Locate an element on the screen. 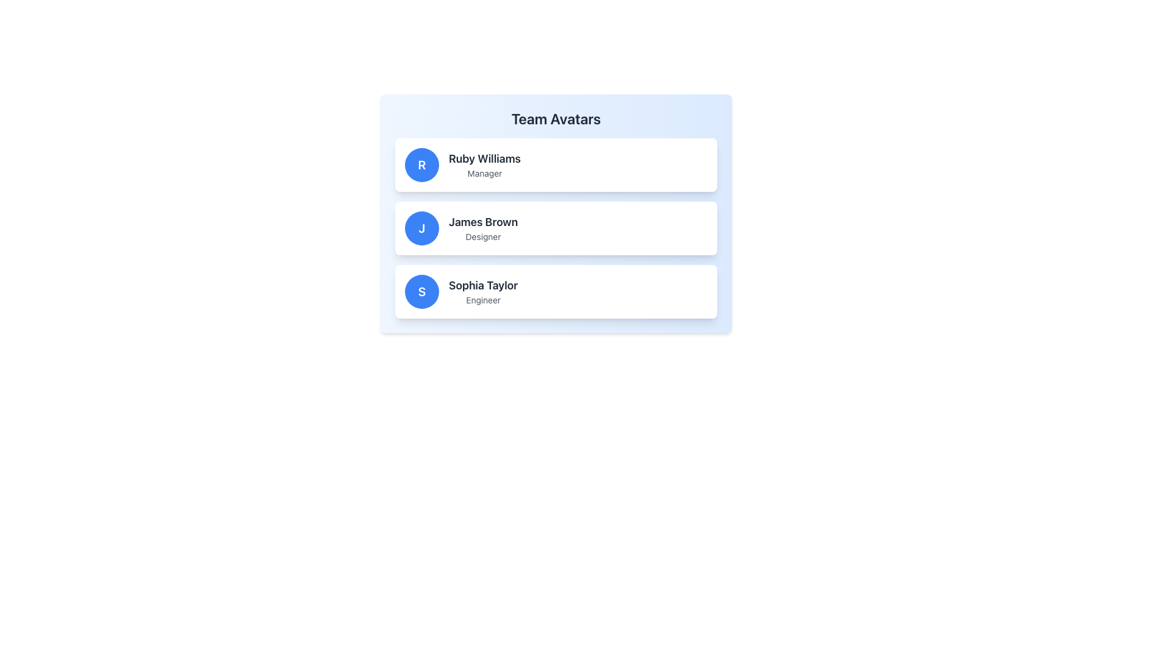 The width and height of the screenshot is (1171, 658). the User Profile Card for 'Sophia Taylor', which features a blue circular avatar with the letter 'S', a bold title in black, and a subtitle in gray is located at coordinates (556, 291).